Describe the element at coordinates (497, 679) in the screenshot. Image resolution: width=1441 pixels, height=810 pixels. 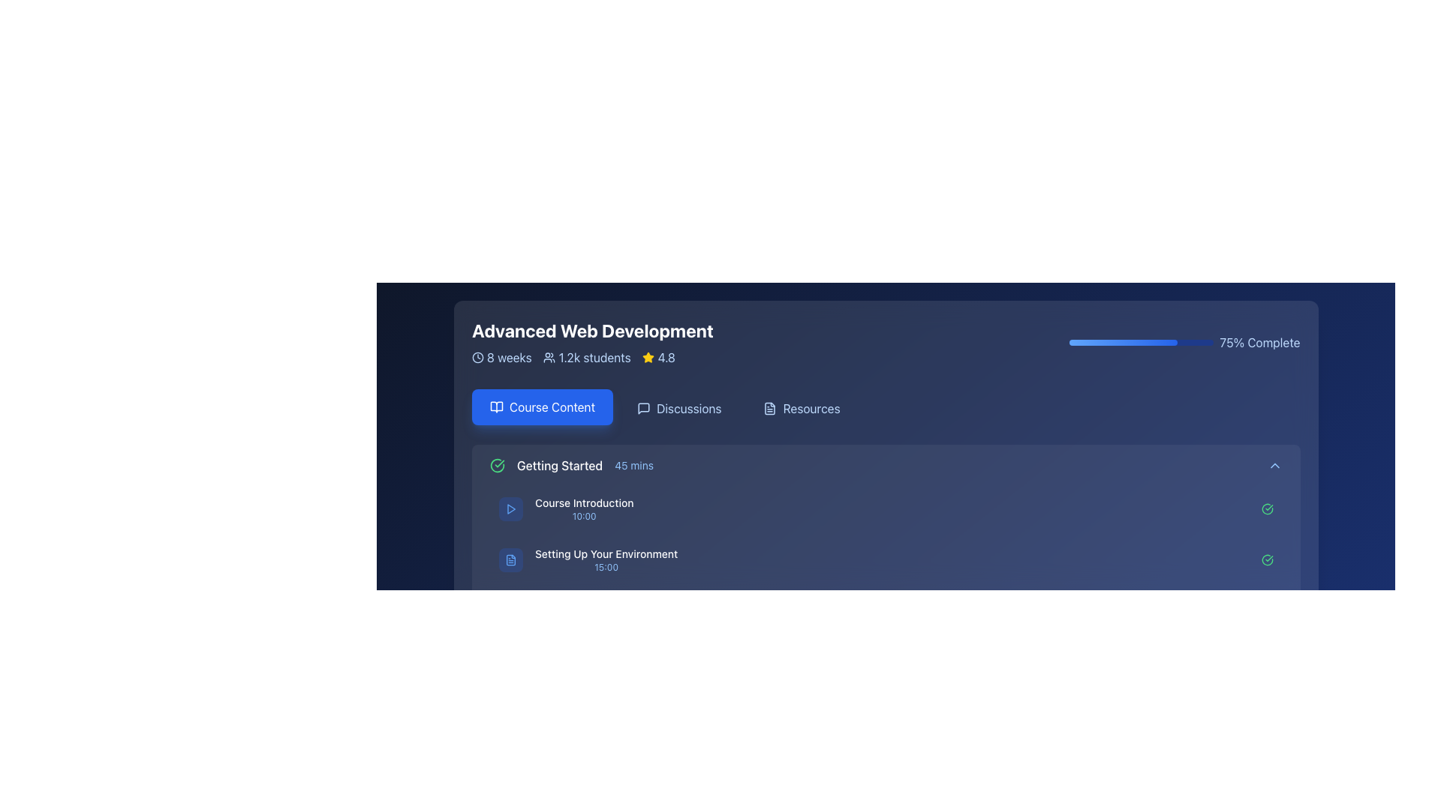
I see `the bordered circle, which serves as a status or selection indicator for the course module details` at that location.